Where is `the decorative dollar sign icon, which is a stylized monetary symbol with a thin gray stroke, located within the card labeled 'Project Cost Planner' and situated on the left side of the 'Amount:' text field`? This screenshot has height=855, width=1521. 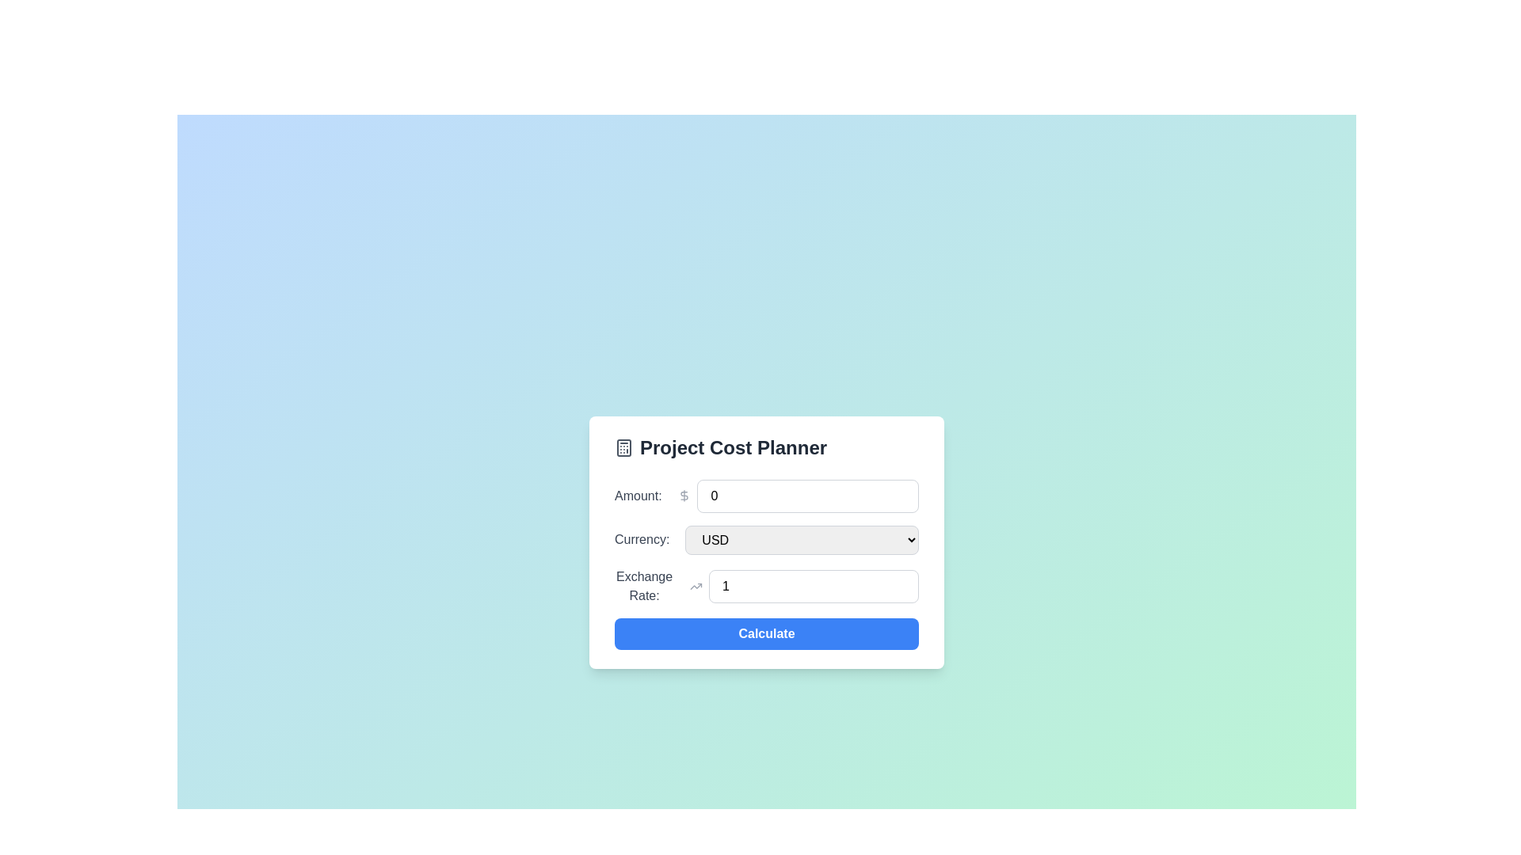 the decorative dollar sign icon, which is a stylized monetary symbol with a thin gray stroke, located within the card labeled 'Project Cost Planner' and situated on the left side of the 'Amount:' text field is located at coordinates (684, 495).